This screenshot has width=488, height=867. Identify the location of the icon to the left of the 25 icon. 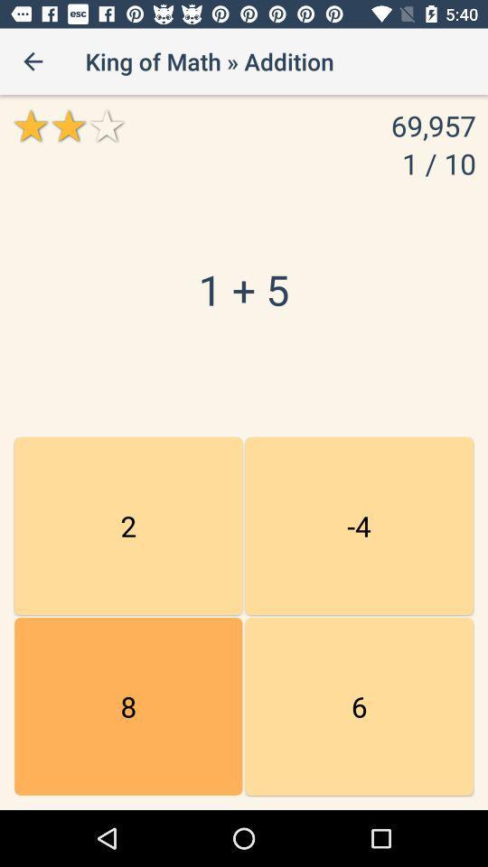
(127, 706).